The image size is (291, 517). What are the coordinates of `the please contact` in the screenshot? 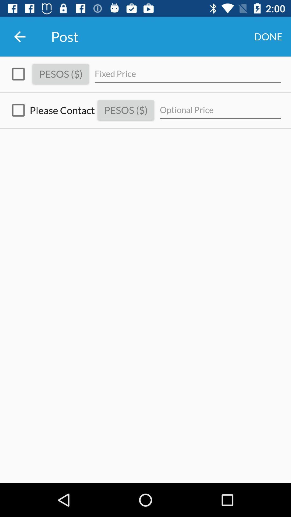 It's located at (51, 110).